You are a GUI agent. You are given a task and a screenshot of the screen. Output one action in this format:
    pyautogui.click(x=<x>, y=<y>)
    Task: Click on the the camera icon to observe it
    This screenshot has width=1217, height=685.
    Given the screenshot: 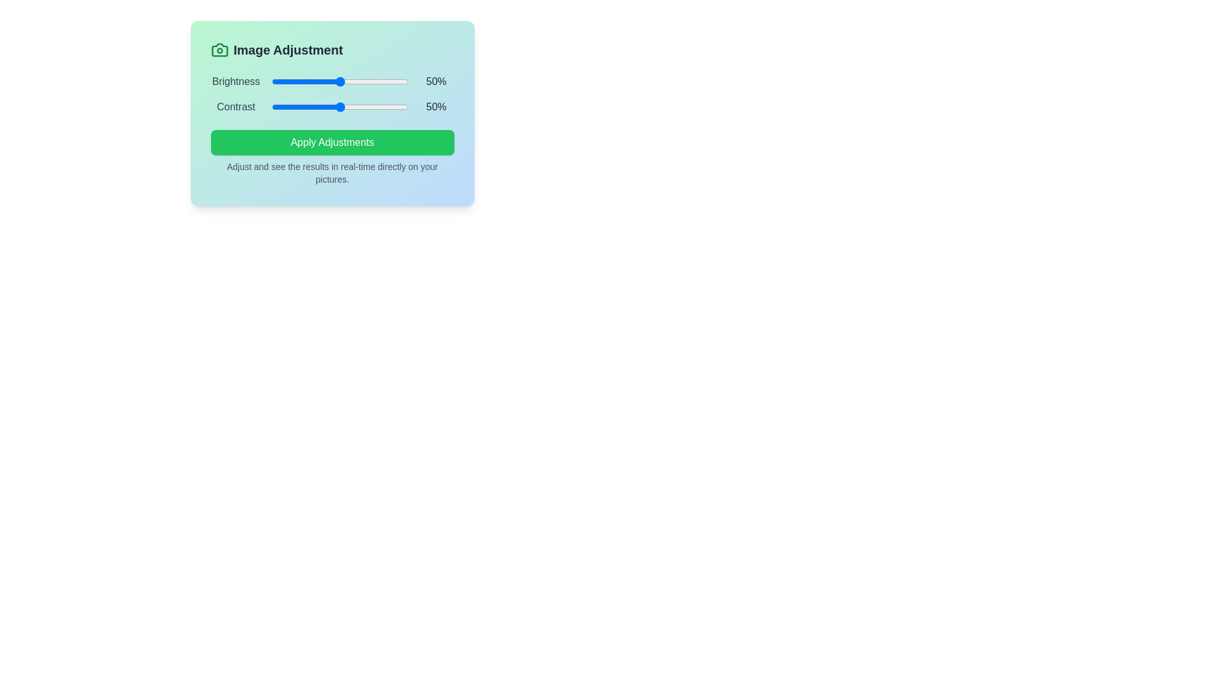 What is the action you would take?
    pyautogui.click(x=219, y=49)
    